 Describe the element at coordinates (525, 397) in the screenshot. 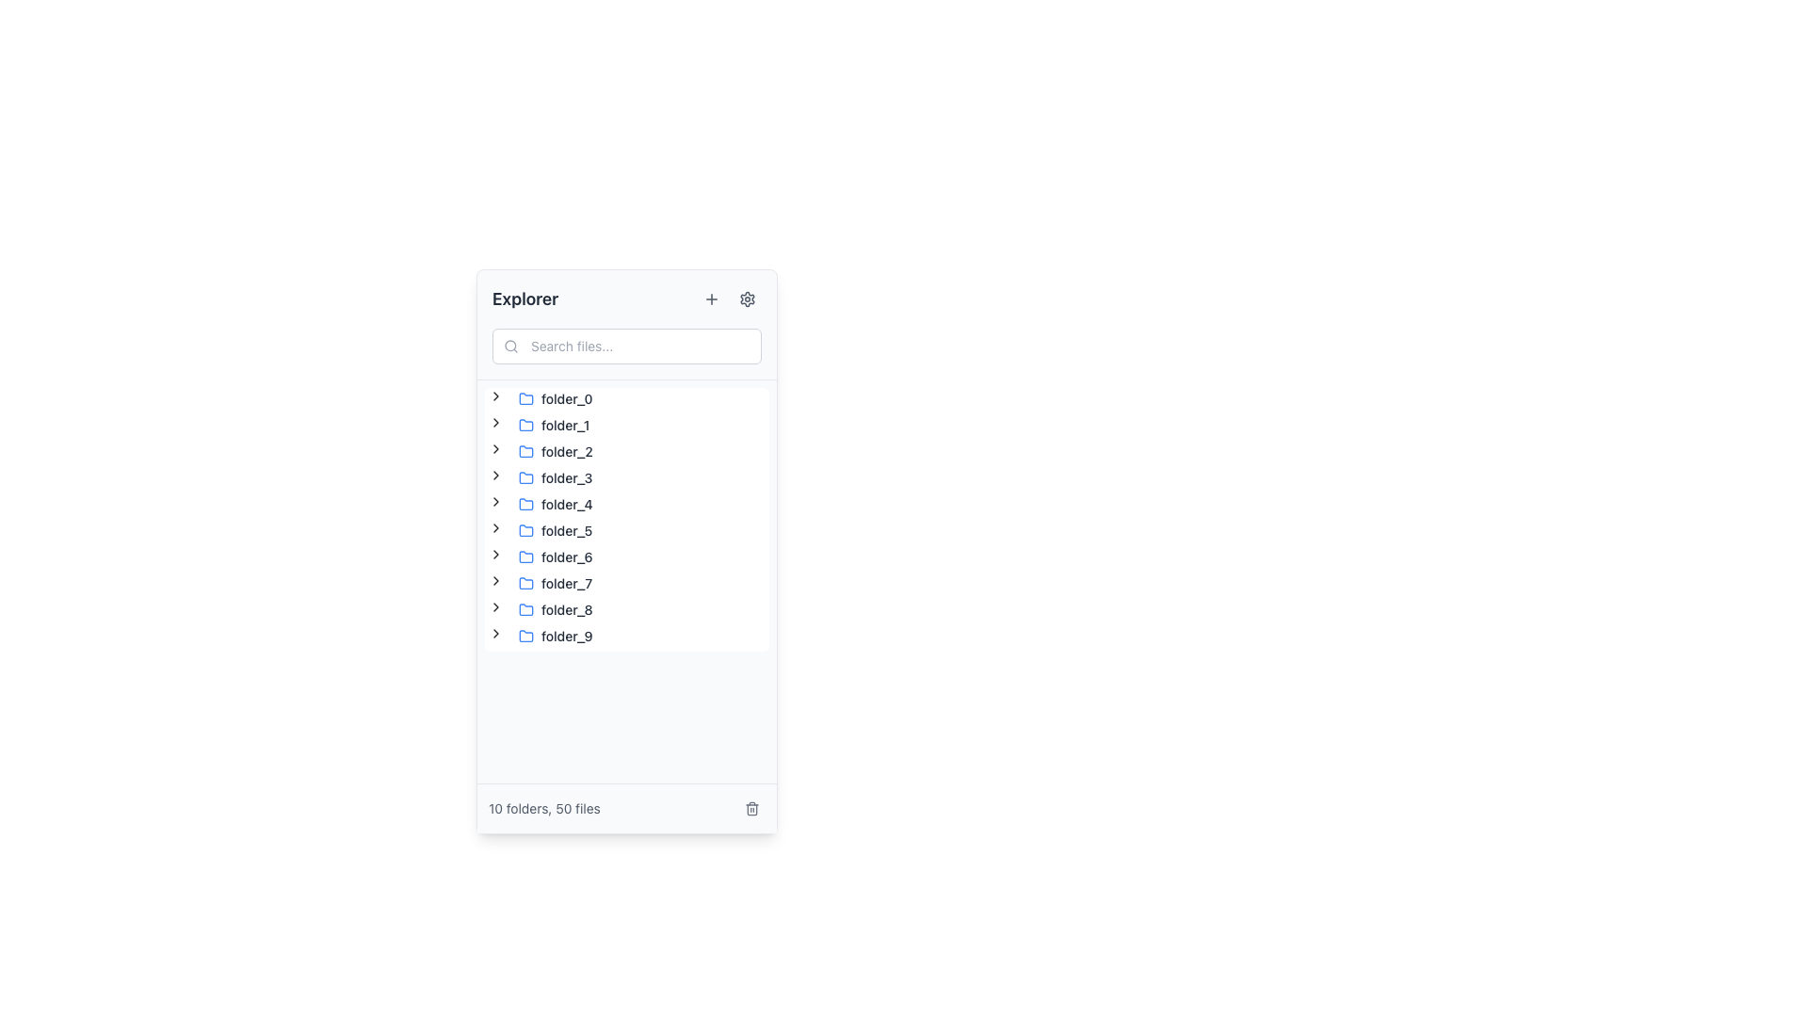

I see `the first folder icon with a blue outline in the vertical list` at that location.